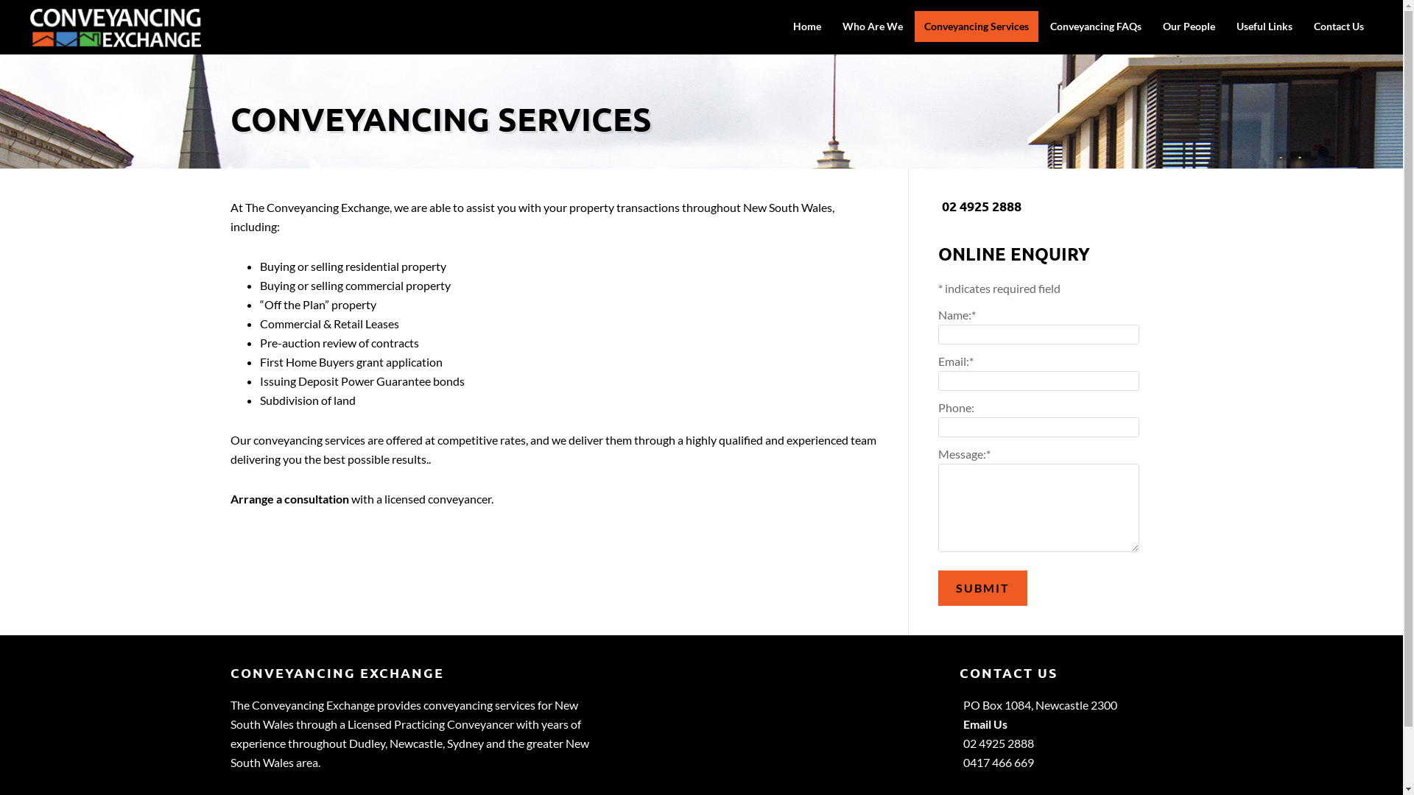  Describe the element at coordinates (963, 723) in the screenshot. I see `'Email Us'` at that location.